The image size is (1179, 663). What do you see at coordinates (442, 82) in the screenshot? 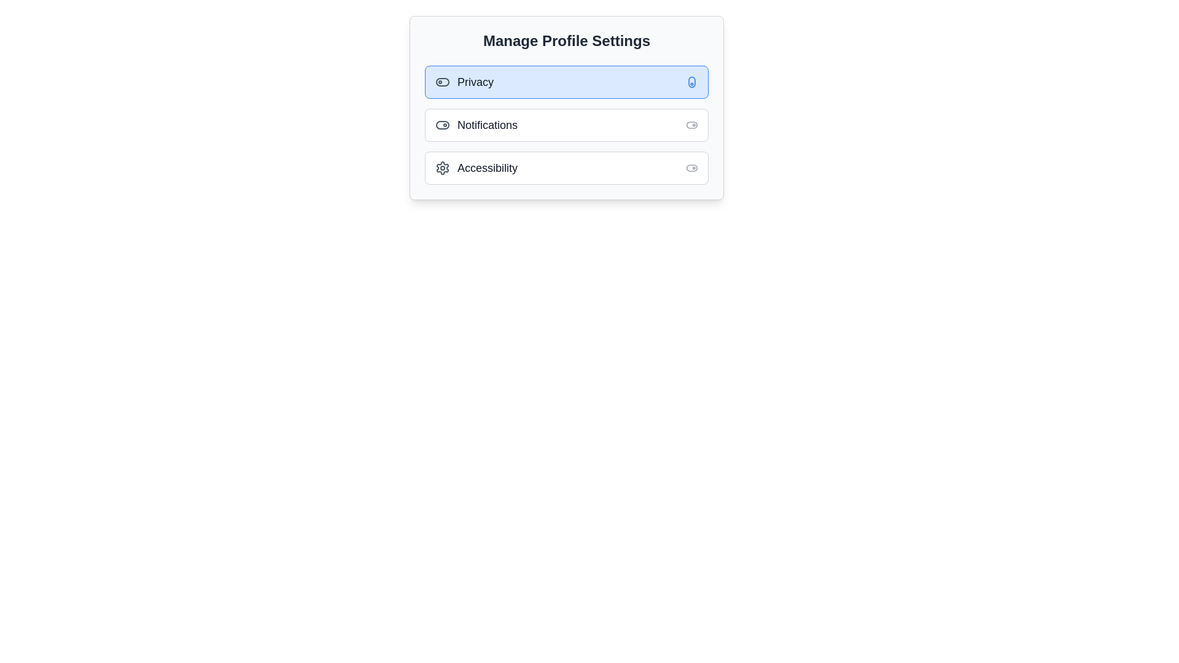
I see `the SVG rectangle element that serves as the background for the toggle state indicator of the 'Privacy' option toggle switch, which is positioned at the top of the settings list` at bounding box center [442, 82].